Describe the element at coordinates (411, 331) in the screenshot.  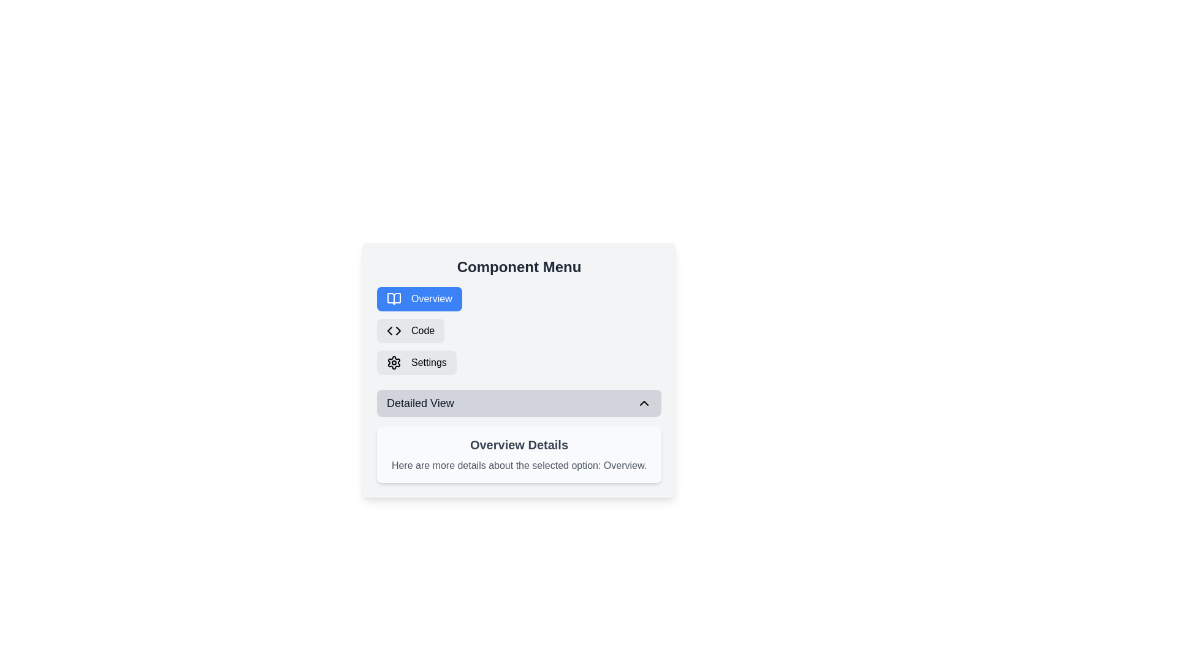
I see `the second button in the vertical group of three buttons, located between the 'Overview' and 'Settings' buttons, to possibly view tooltips or visual feedback` at that location.